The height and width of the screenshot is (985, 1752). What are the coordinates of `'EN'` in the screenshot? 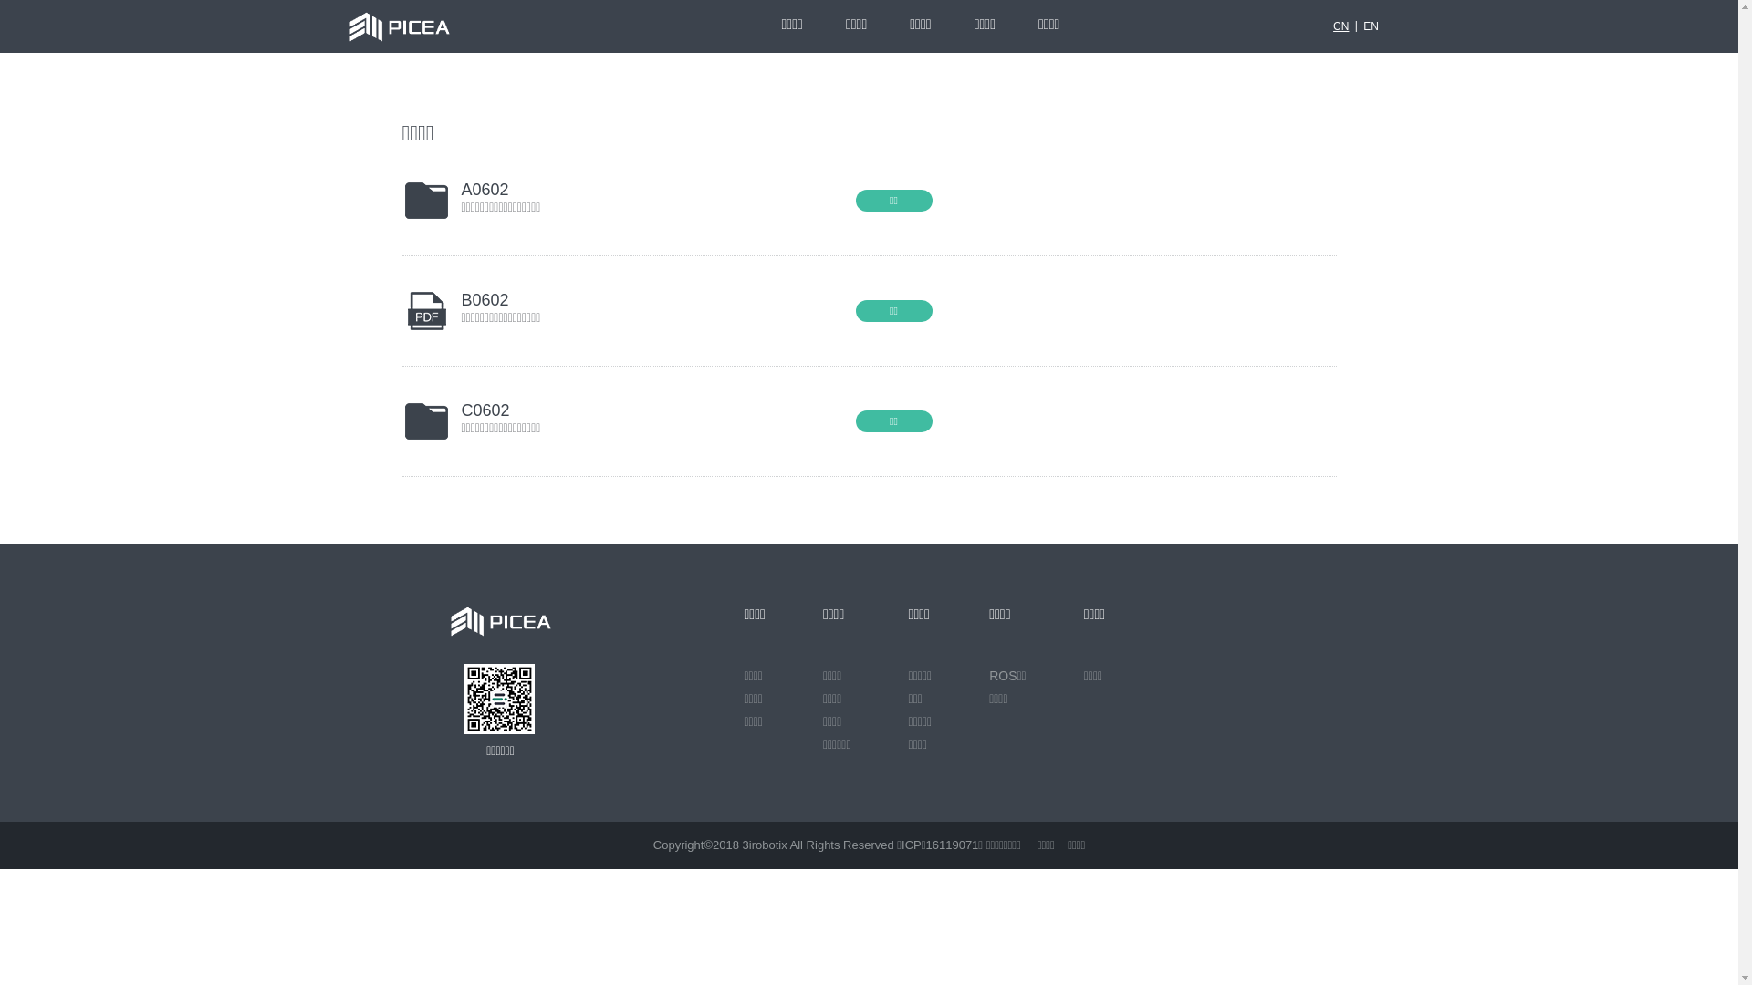 It's located at (1371, 26).